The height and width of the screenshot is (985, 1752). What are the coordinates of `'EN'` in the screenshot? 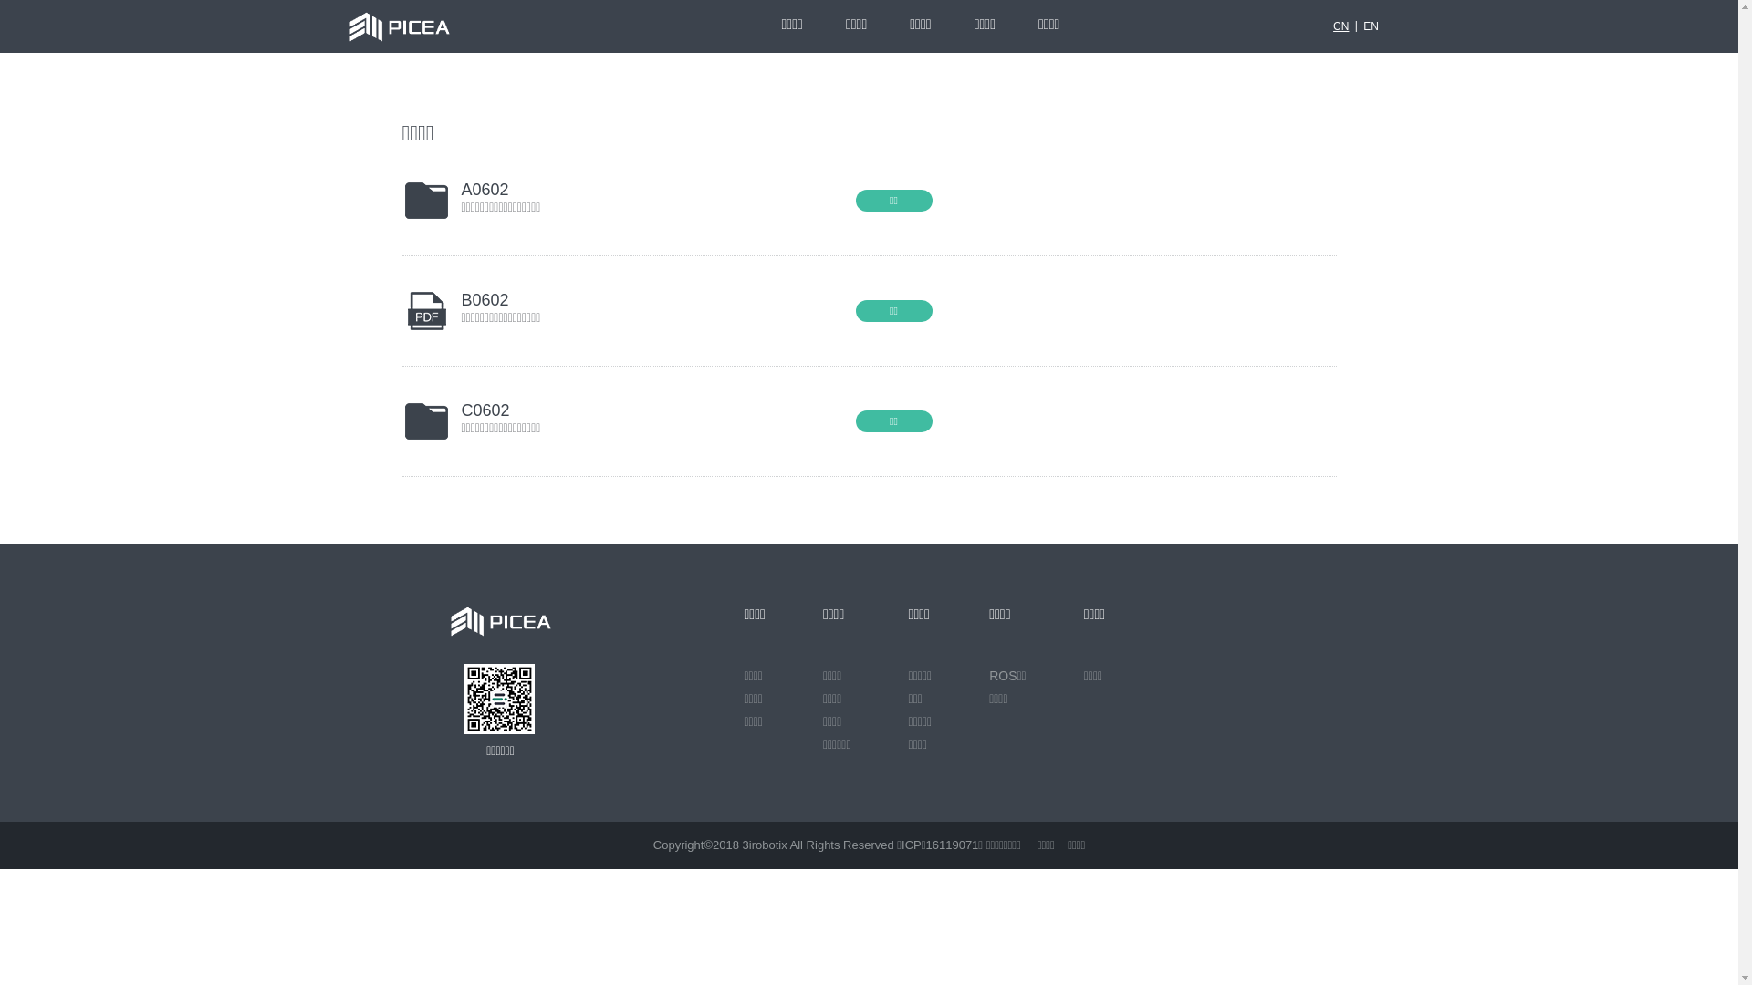 It's located at (1371, 26).